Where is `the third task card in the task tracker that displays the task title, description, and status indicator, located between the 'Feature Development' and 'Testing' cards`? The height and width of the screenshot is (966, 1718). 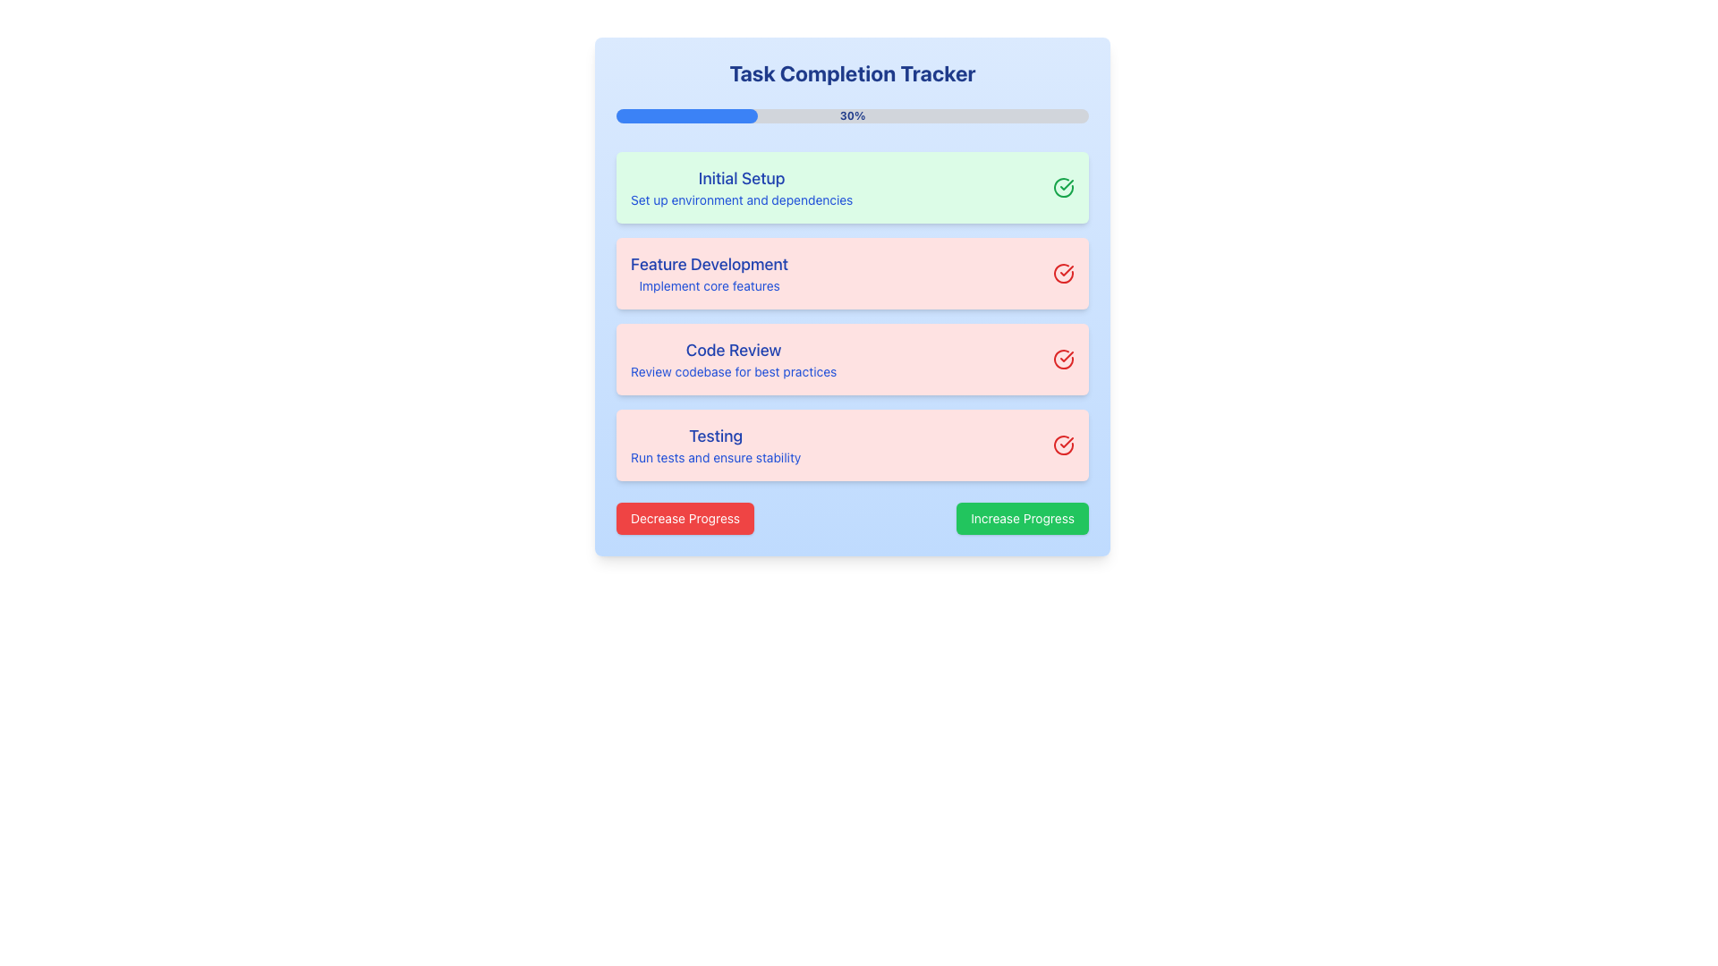 the third task card in the task tracker that displays the task title, description, and status indicator, located between the 'Feature Development' and 'Testing' cards is located at coordinates (852, 359).